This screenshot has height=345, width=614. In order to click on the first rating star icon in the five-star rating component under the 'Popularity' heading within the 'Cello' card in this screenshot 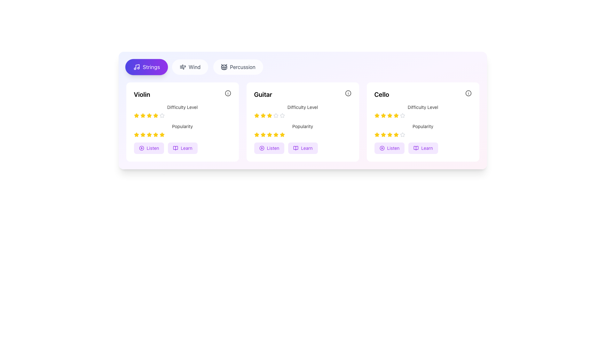, I will do `click(377, 134)`.